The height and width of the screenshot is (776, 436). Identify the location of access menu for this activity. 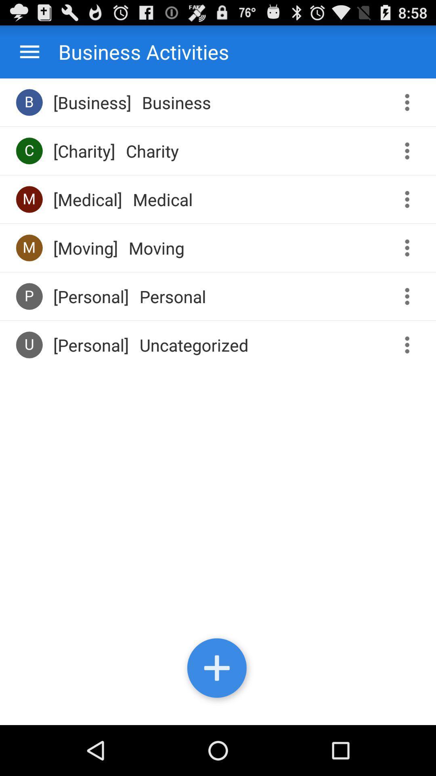
(410, 345).